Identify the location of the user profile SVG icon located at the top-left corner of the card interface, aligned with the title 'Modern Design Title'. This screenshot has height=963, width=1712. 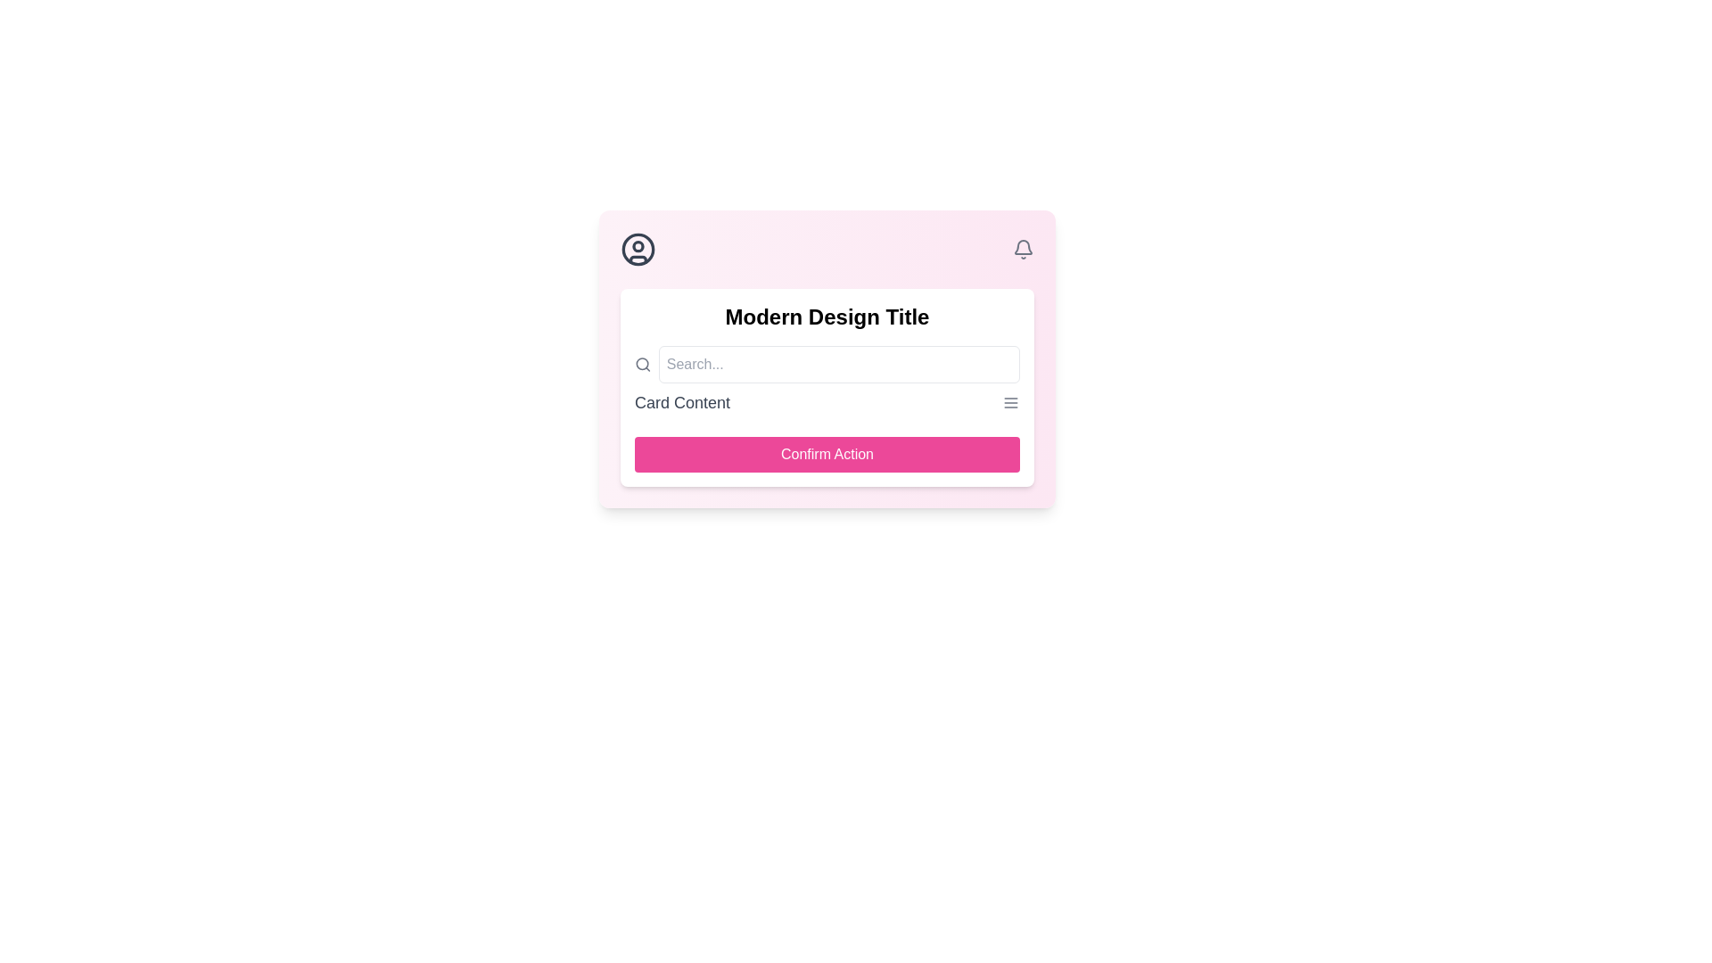
(638, 250).